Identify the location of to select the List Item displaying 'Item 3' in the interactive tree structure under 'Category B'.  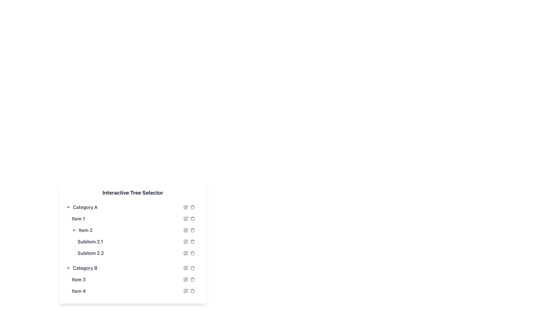
(132, 279).